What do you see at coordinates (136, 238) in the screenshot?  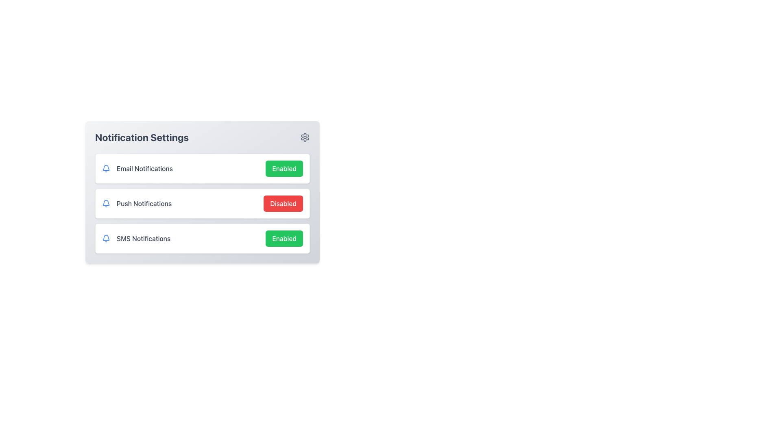 I see `the 'SMS Notifications' text label that is styled in medium-weight dark gray font and is located adjacent to a blue notification bell icon` at bounding box center [136, 238].